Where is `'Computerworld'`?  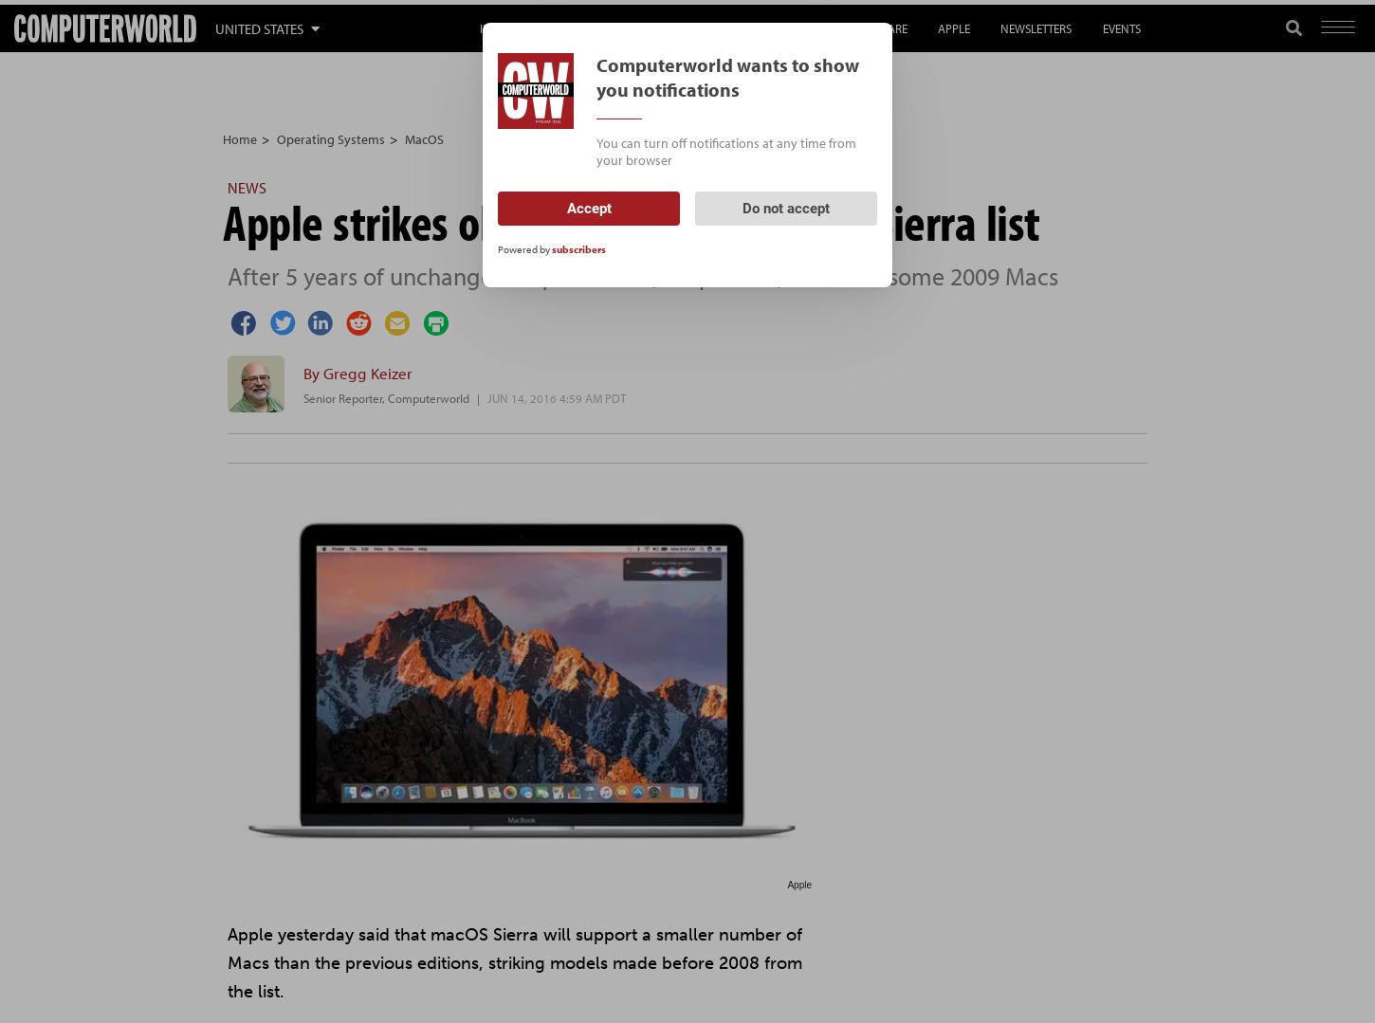
'Computerworld' is located at coordinates (427, 396).